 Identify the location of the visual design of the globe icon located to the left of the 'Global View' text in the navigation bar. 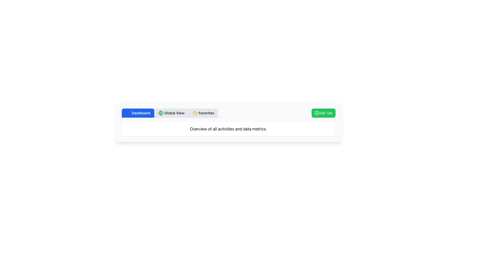
(161, 113).